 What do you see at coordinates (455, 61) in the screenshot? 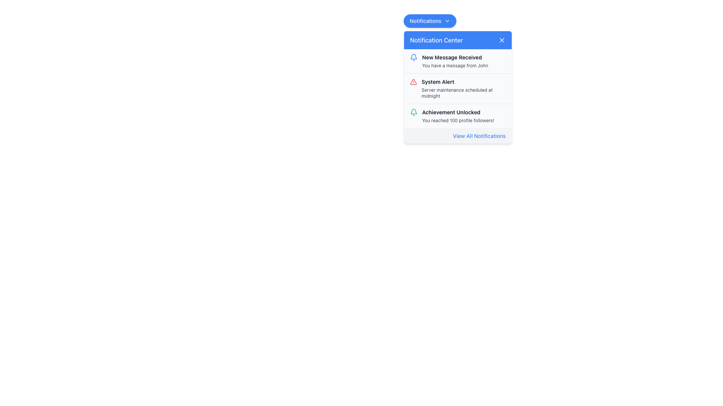
I see `the first notification in the Notification Center that reads 'New Message Received'` at bounding box center [455, 61].